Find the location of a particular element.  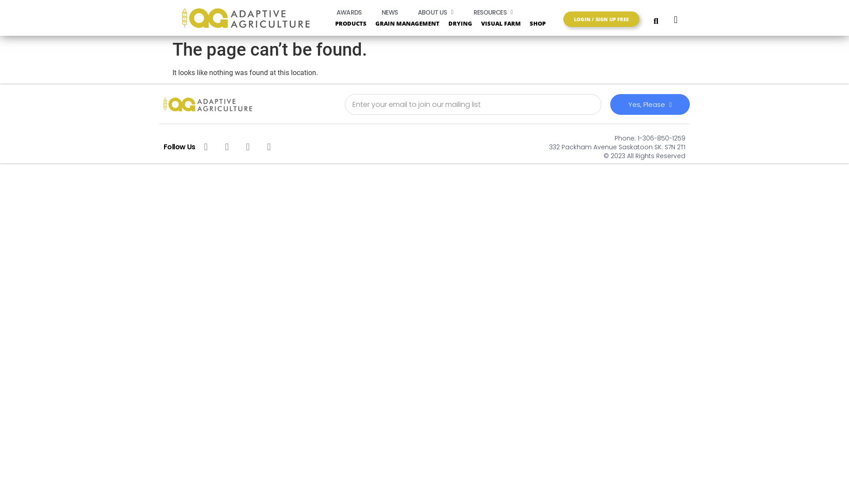

'GRAIN MANAGEMENT' is located at coordinates (407, 23).